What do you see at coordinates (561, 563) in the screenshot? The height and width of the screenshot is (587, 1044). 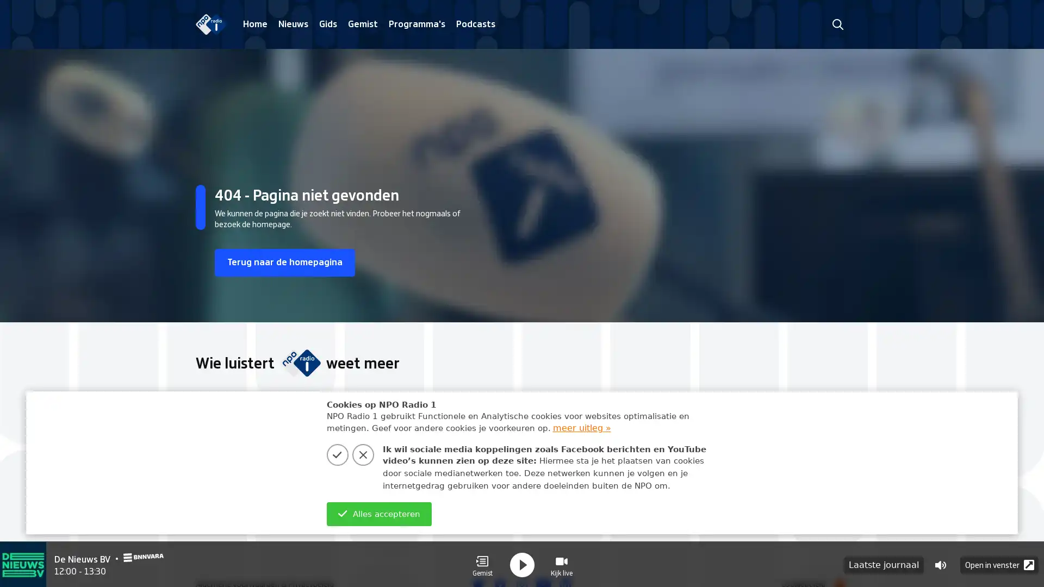 I see `Visual Radio Kijk live` at bounding box center [561, 563].